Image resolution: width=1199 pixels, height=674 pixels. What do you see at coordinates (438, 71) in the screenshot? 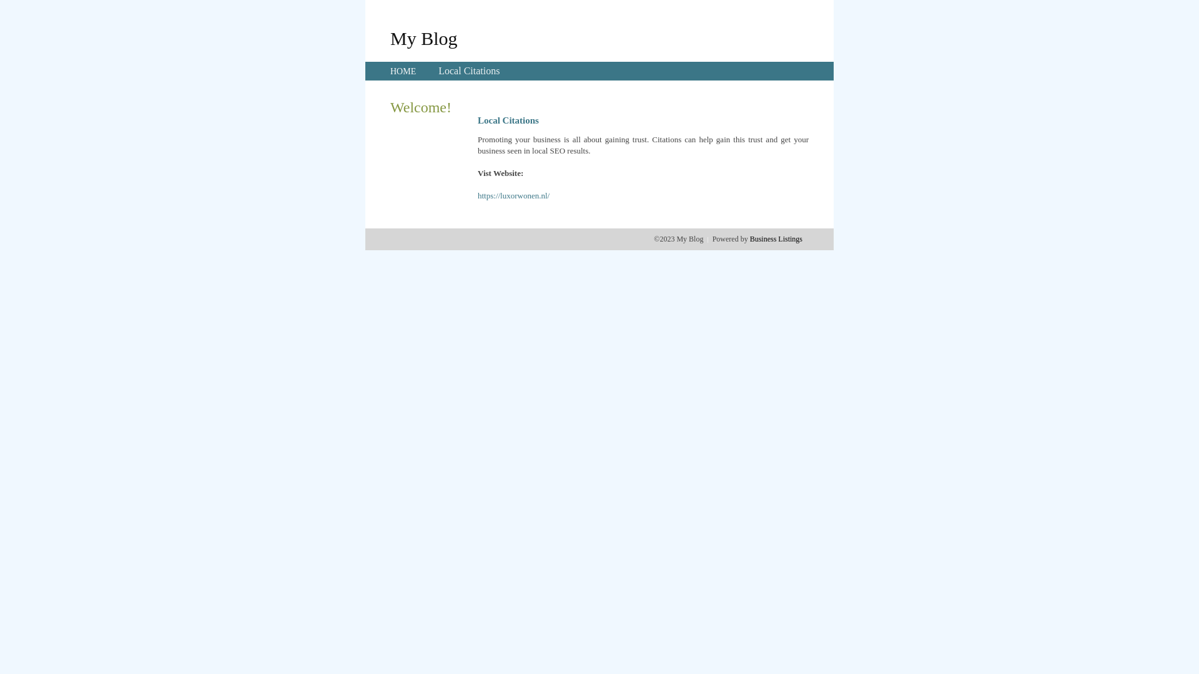
I see `'Local Citations'` at bounding box center [438, 71].